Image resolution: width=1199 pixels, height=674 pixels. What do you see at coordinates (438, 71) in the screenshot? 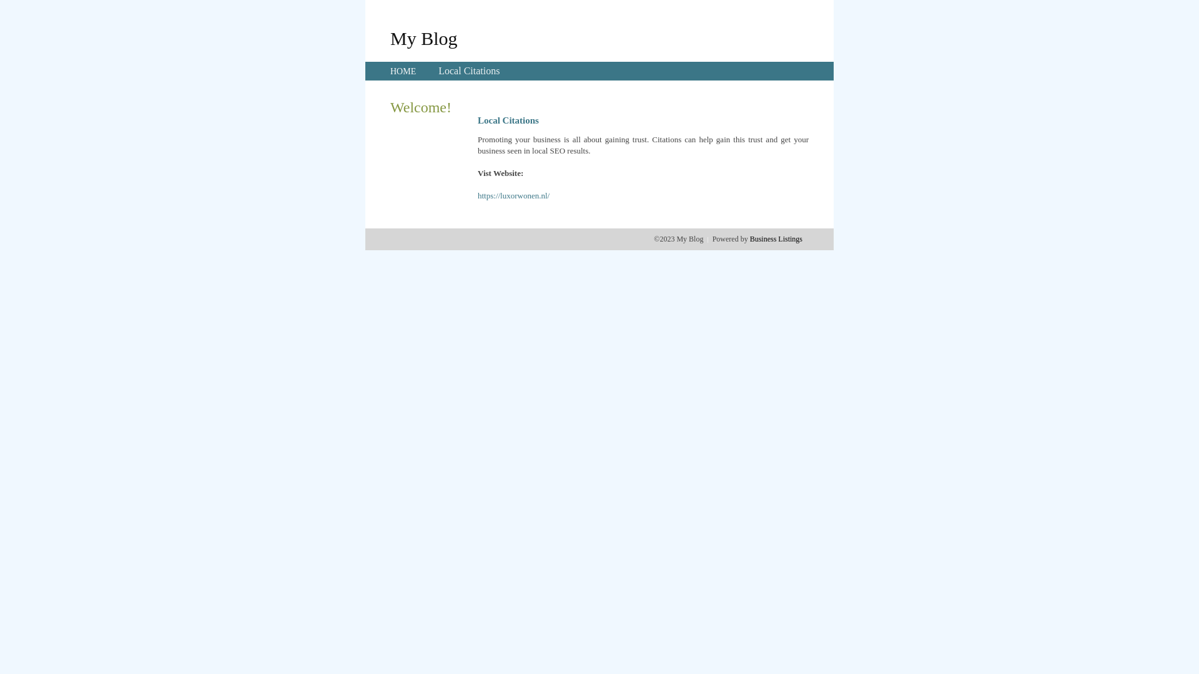
I see `'Local Citations'` at bounding box center [438, 71].